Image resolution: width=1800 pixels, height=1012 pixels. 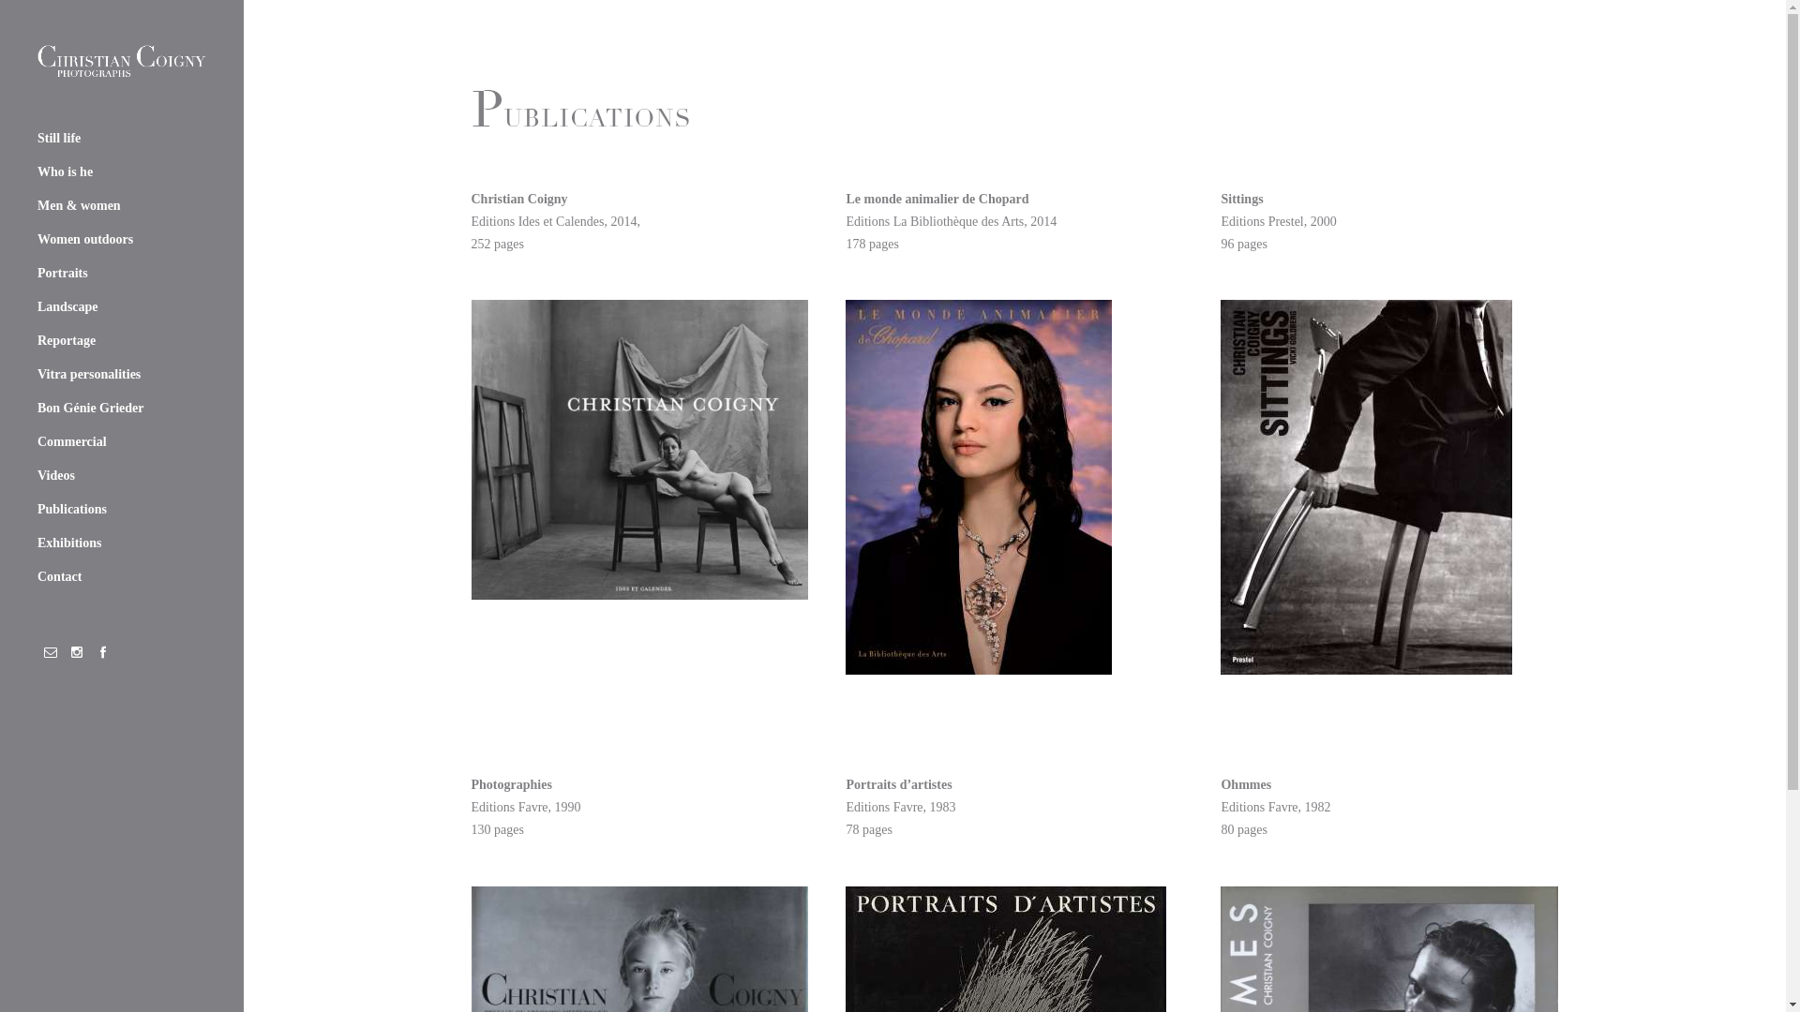 What do you see at coordinates (75, 650) in the screenshot?
I see `'social_instagram'` at bounding box center [75, 650].